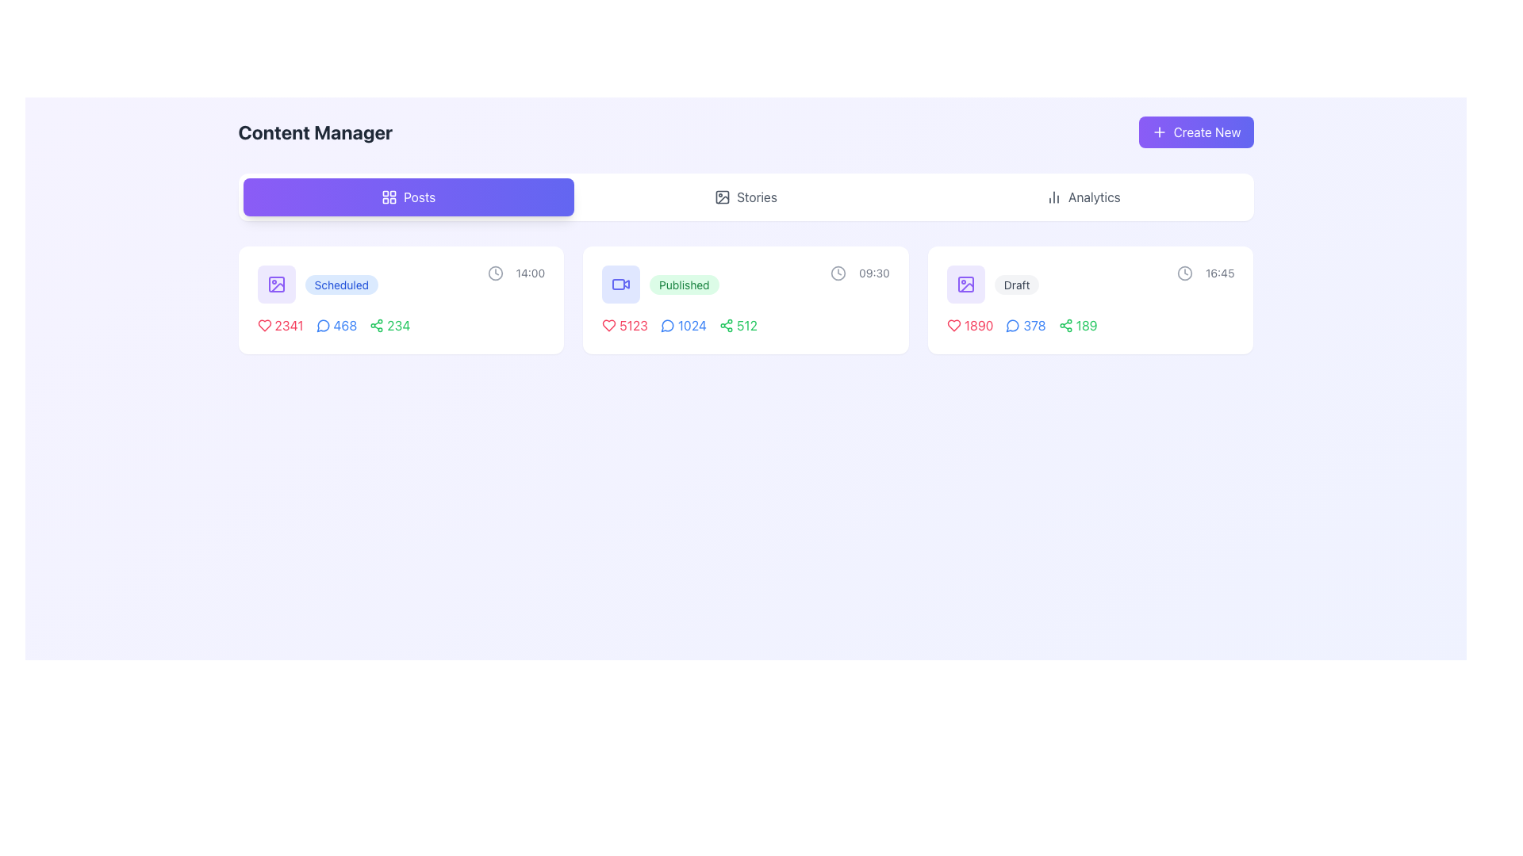 The image size is (1523, 856). I want to click on the 'Stories' button, which is the second button in a horizontal group at the top-center of the interface, so click(745, 197).